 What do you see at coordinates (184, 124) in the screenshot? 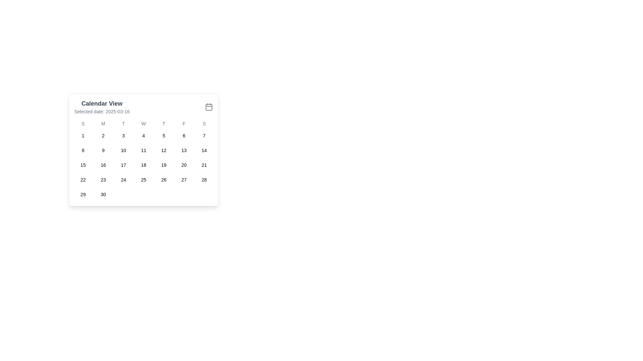
I see `the 'F' character label, which is the sixth character in a row of seven at the top of the calendar view` at bounding box center [184, 124].